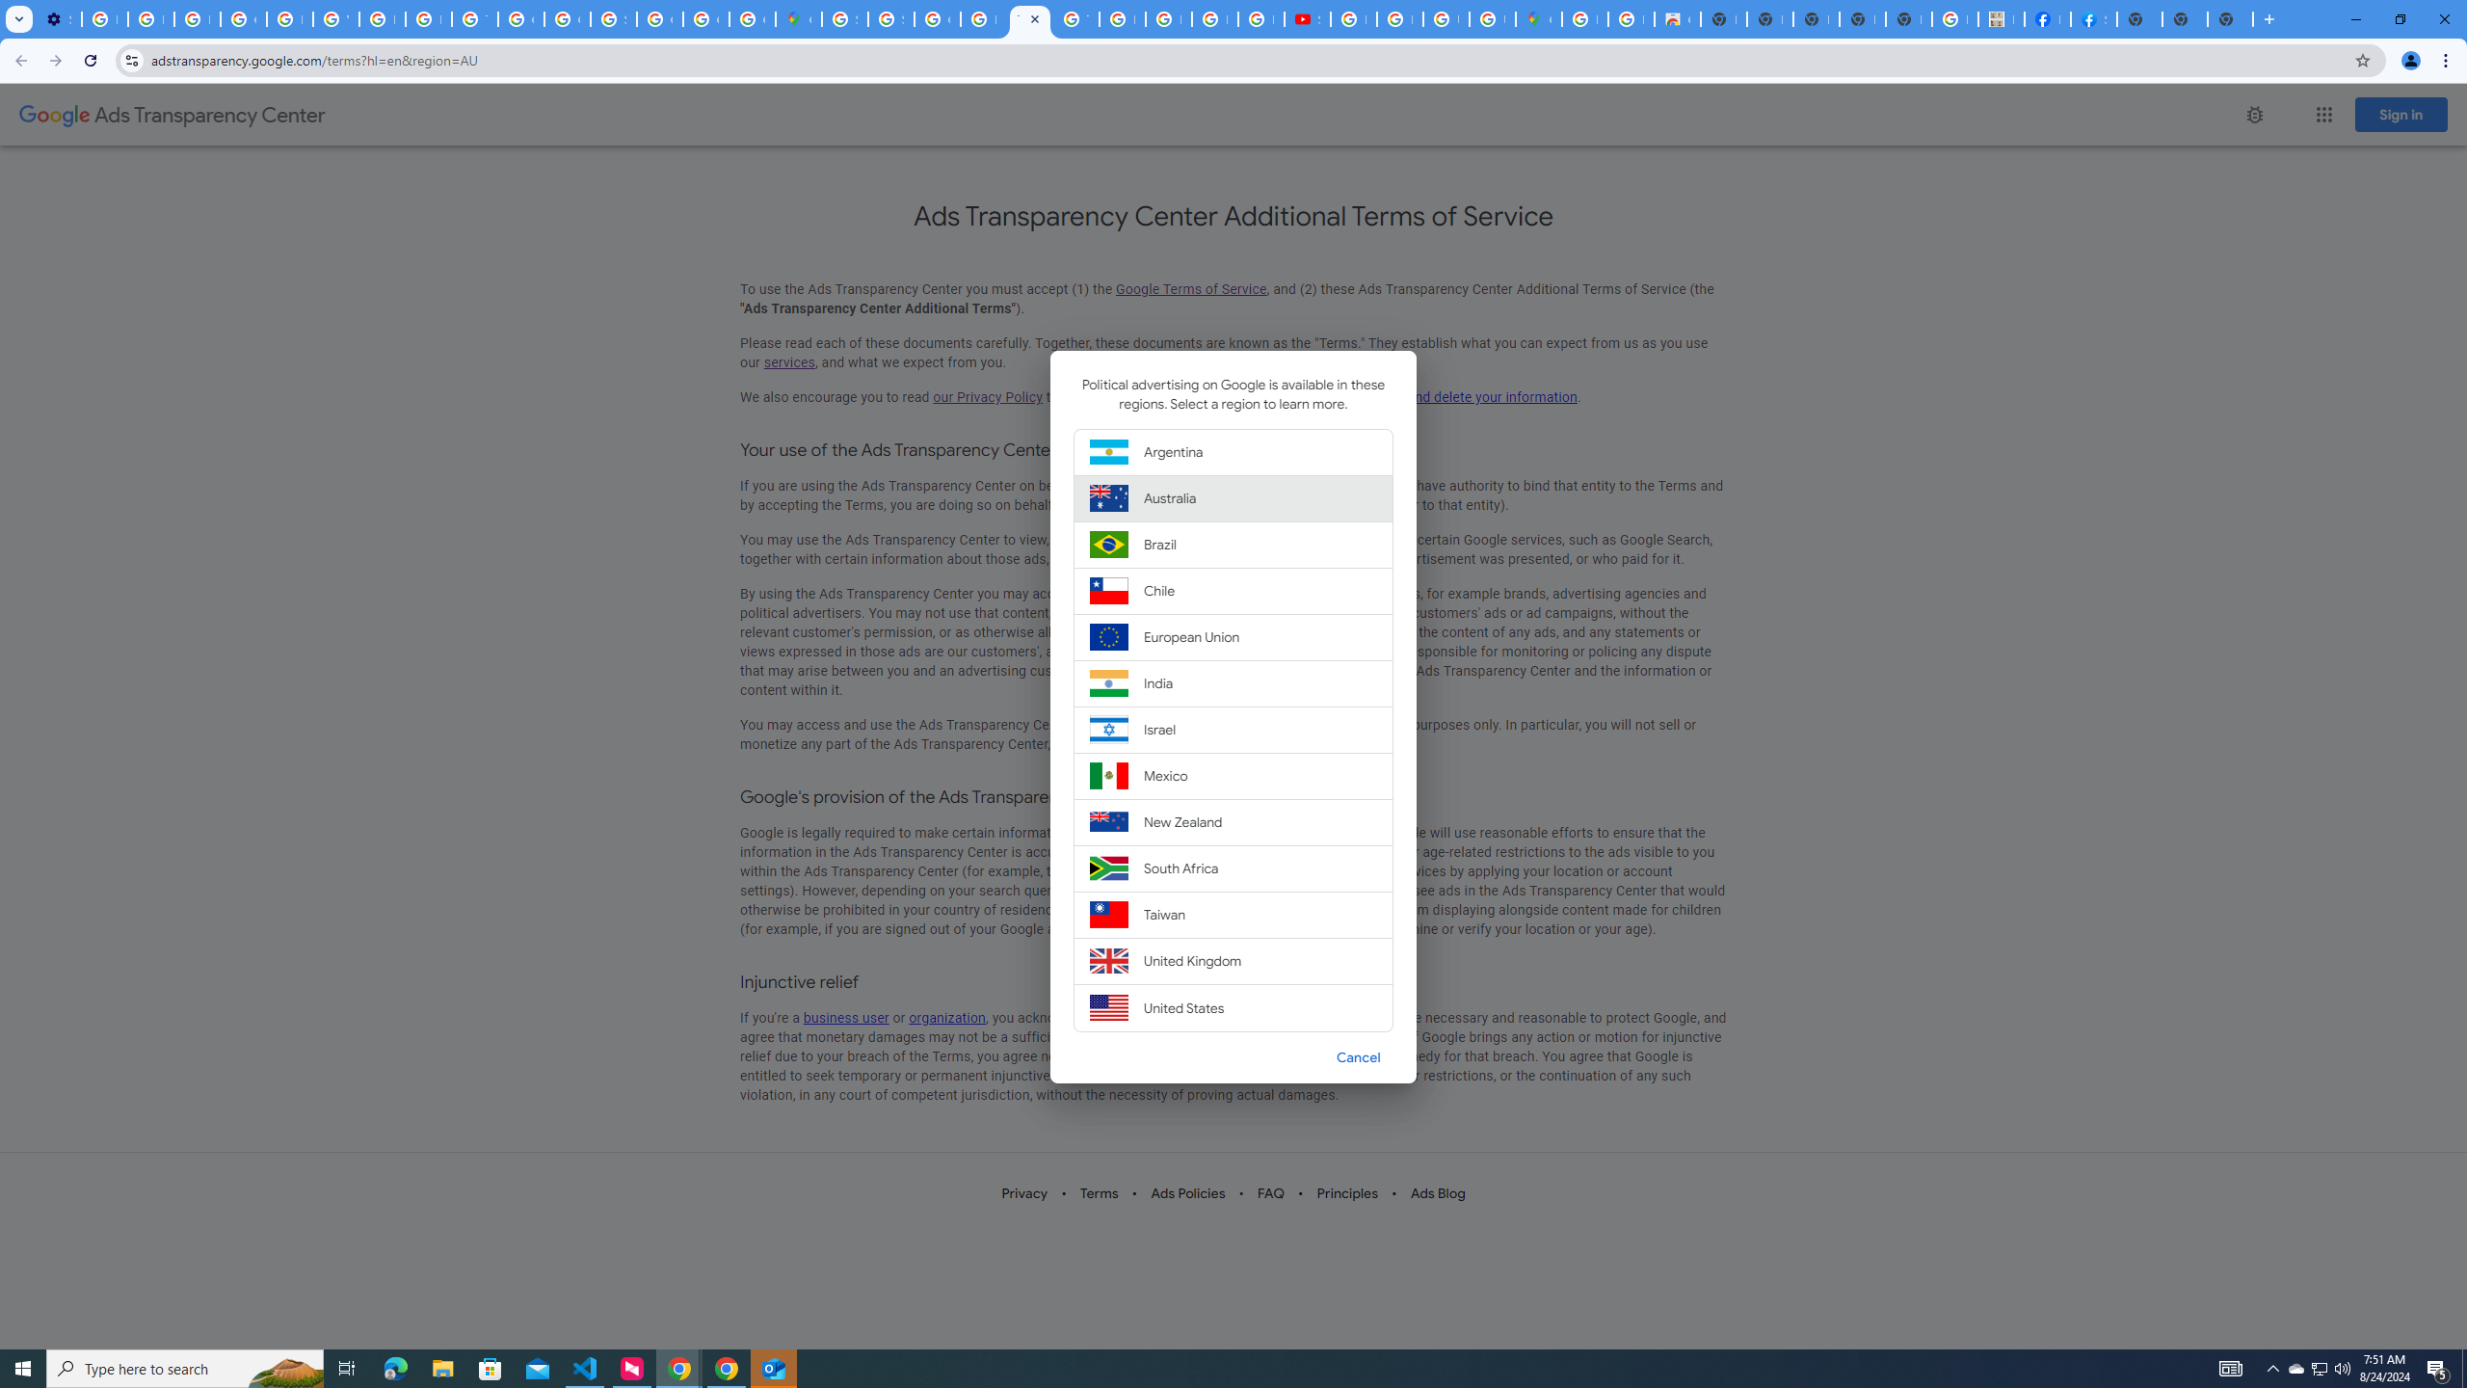  What do you see at coordinates (2230, 18) in the screenshot?
I see `'New Tab'` at bounding box center [2230, 18].